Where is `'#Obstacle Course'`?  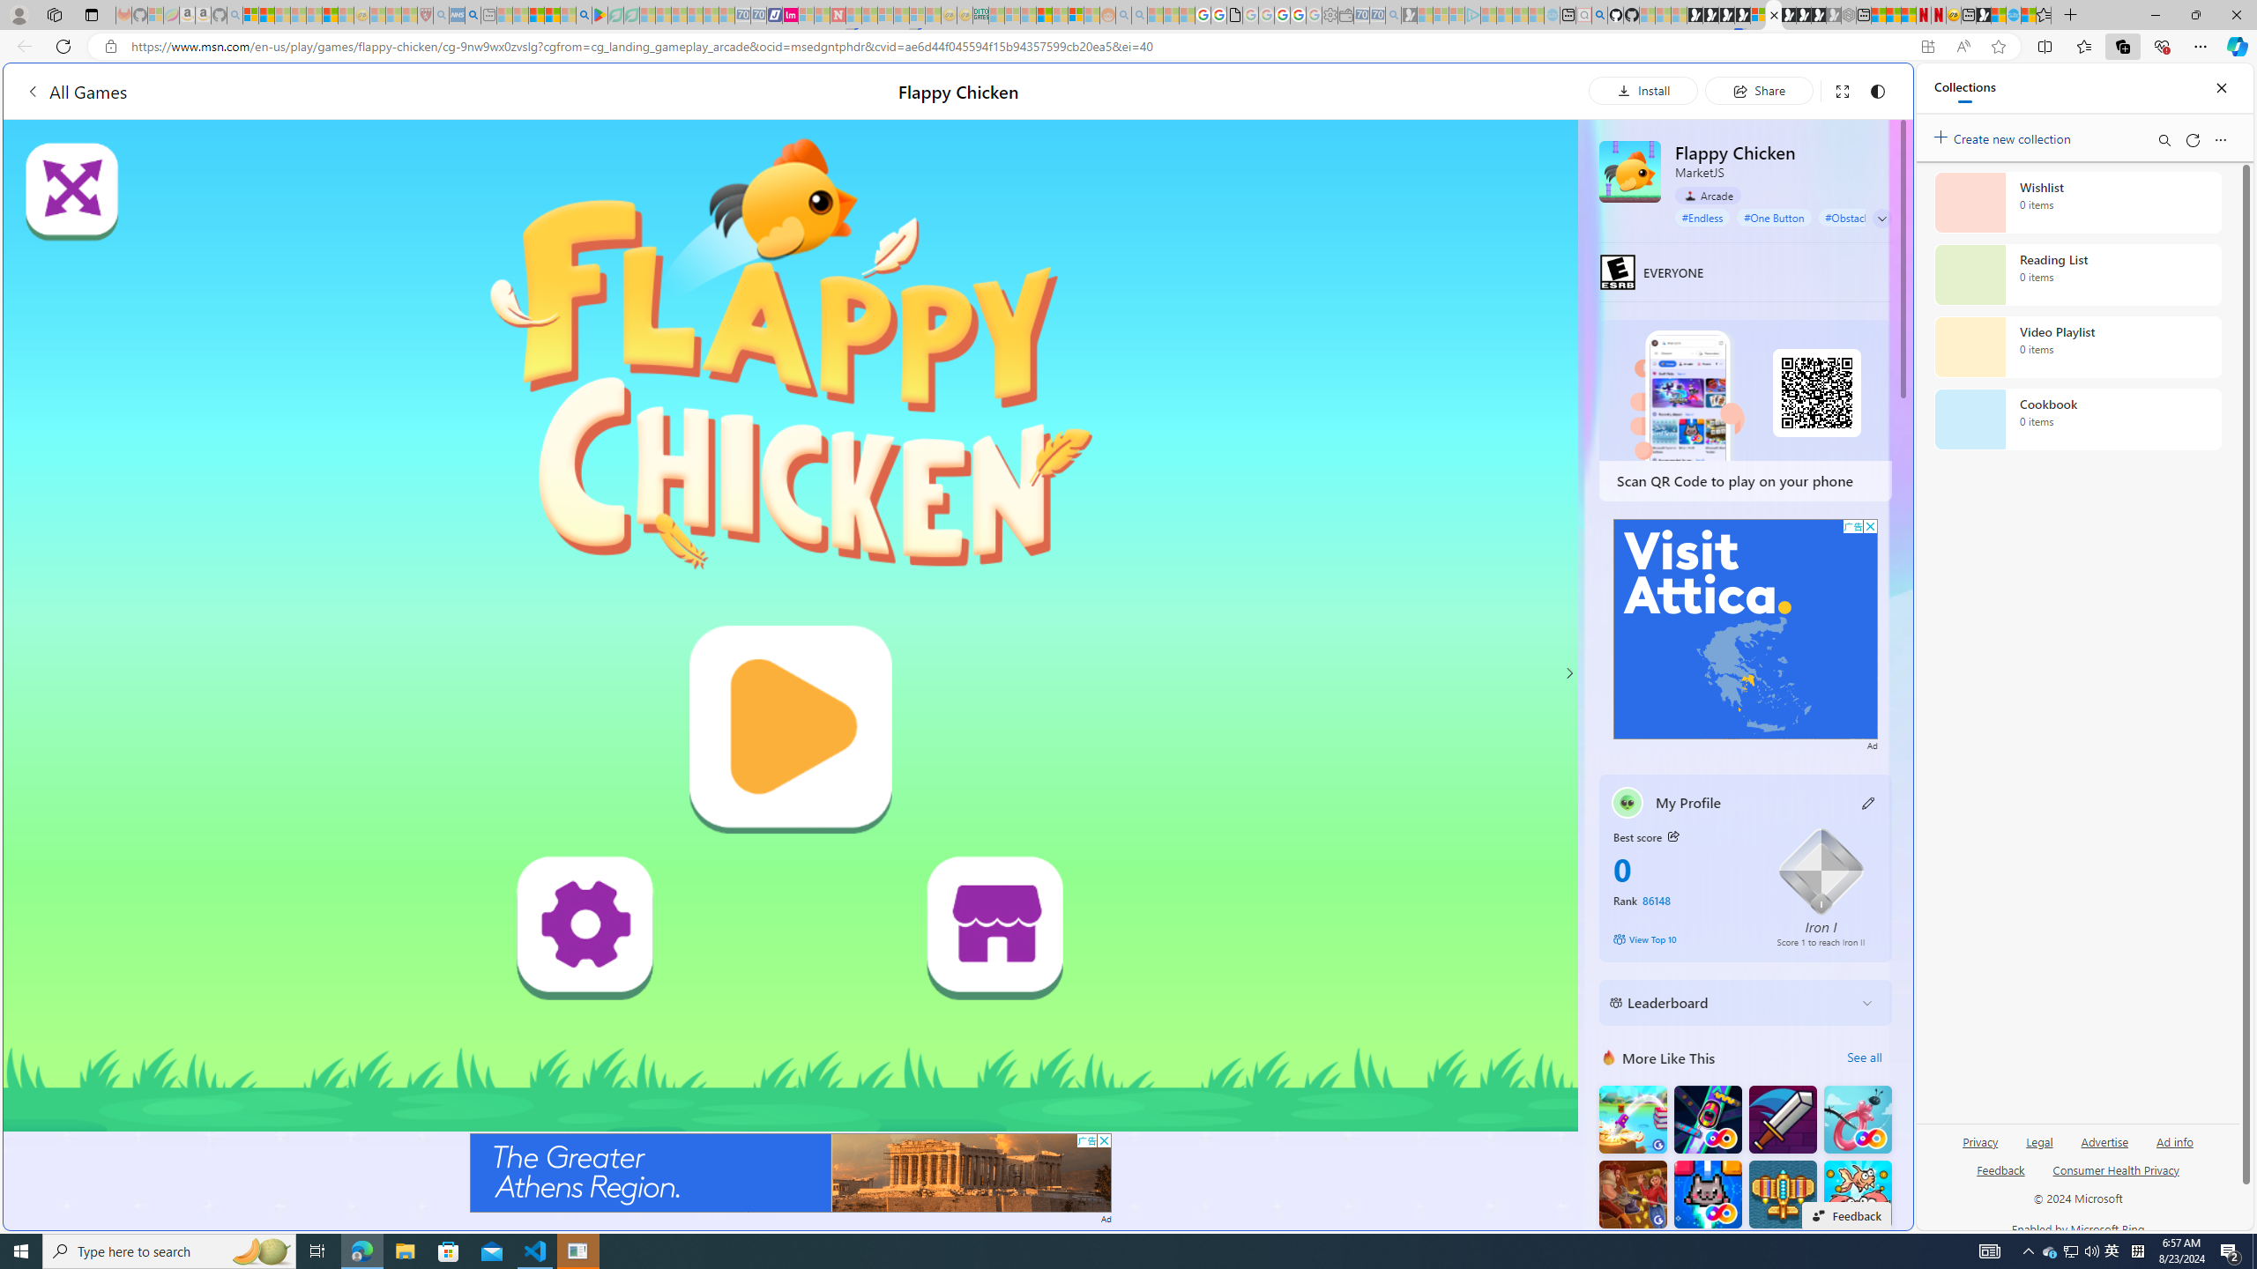 '#Obstacle Course' is located at coordinates (1865, 216).